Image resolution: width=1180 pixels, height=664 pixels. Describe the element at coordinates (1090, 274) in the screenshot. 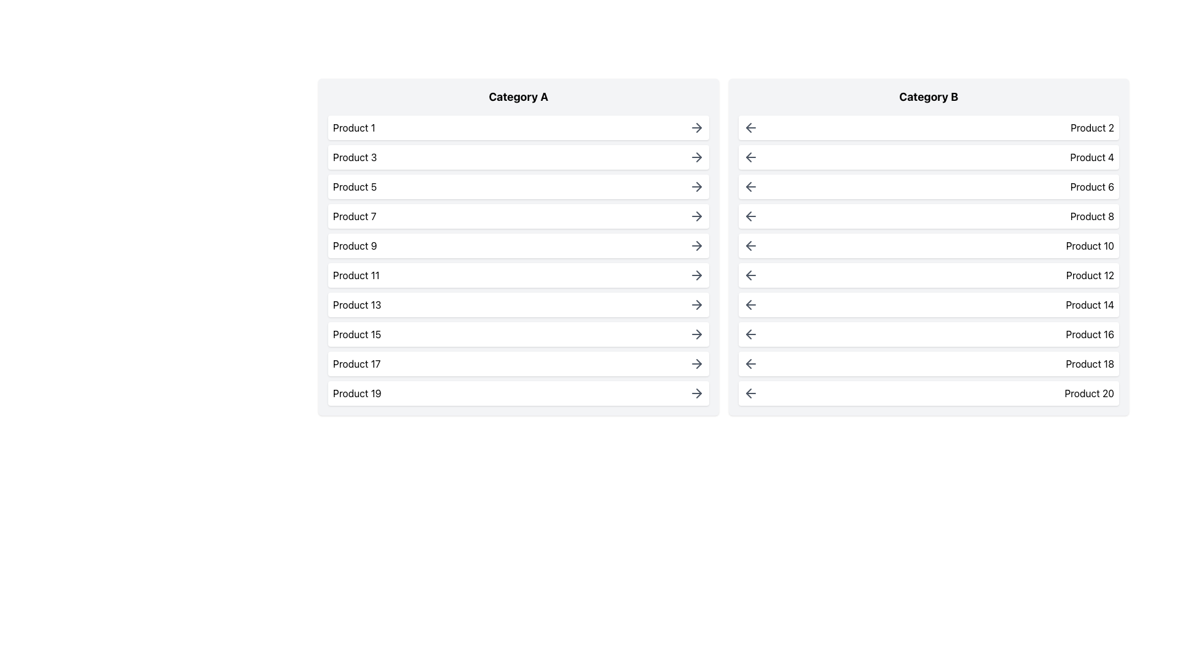

I see `the text label displaying 'Product 12', which is aligned in the second column of 'Category B' and positioned adjacent to an arrow icon` at that location.